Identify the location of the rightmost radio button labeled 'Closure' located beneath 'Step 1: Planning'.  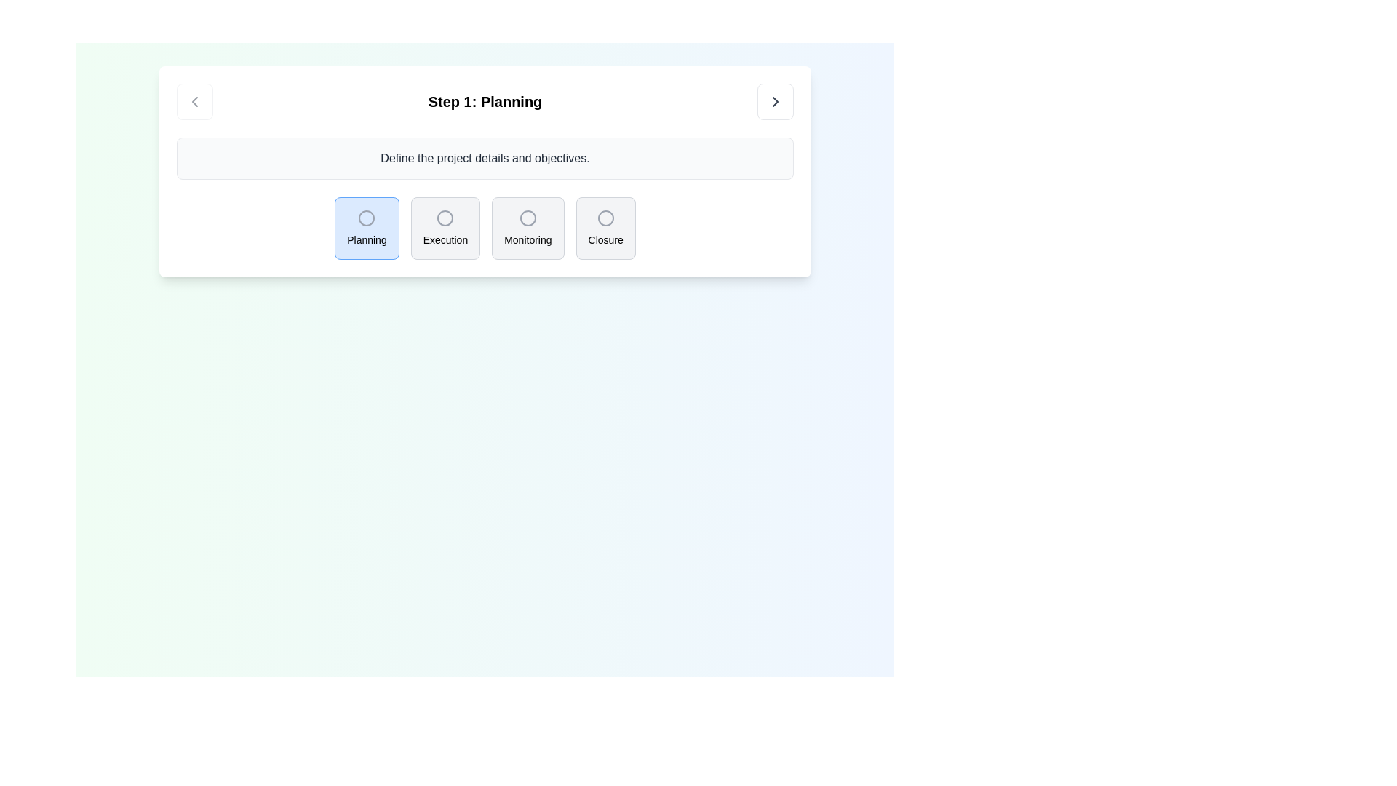
(605, 218).